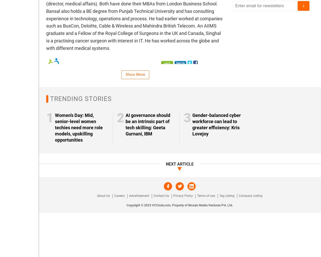  Describe the element at coordinates (139, 196) in the screenshot. I see `'Advertisement'` at that location.